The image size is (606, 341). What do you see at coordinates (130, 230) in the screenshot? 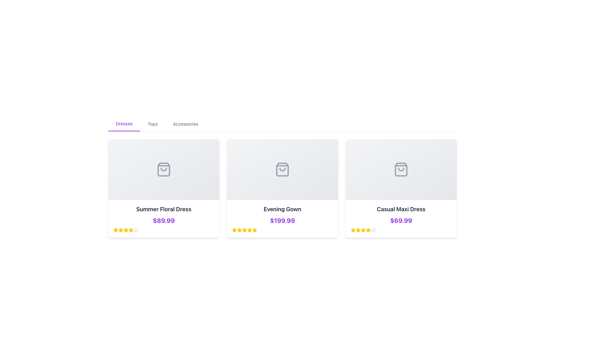
I see `the fourth star icon in the five-star rating system for the 'Summer Floral Dress' product, located under its price tag` at bounding box center [130, 230].